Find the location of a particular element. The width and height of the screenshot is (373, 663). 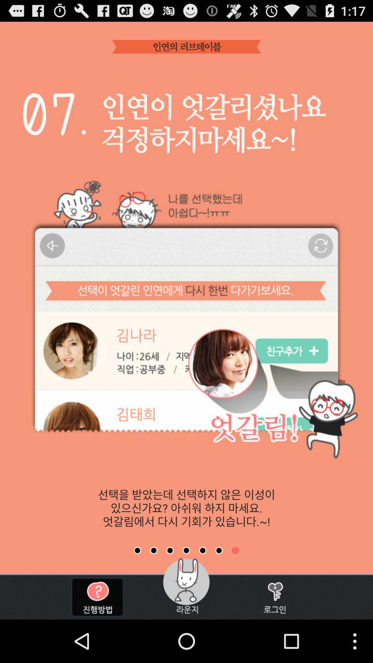

previous is located at coordinates (219, 550).